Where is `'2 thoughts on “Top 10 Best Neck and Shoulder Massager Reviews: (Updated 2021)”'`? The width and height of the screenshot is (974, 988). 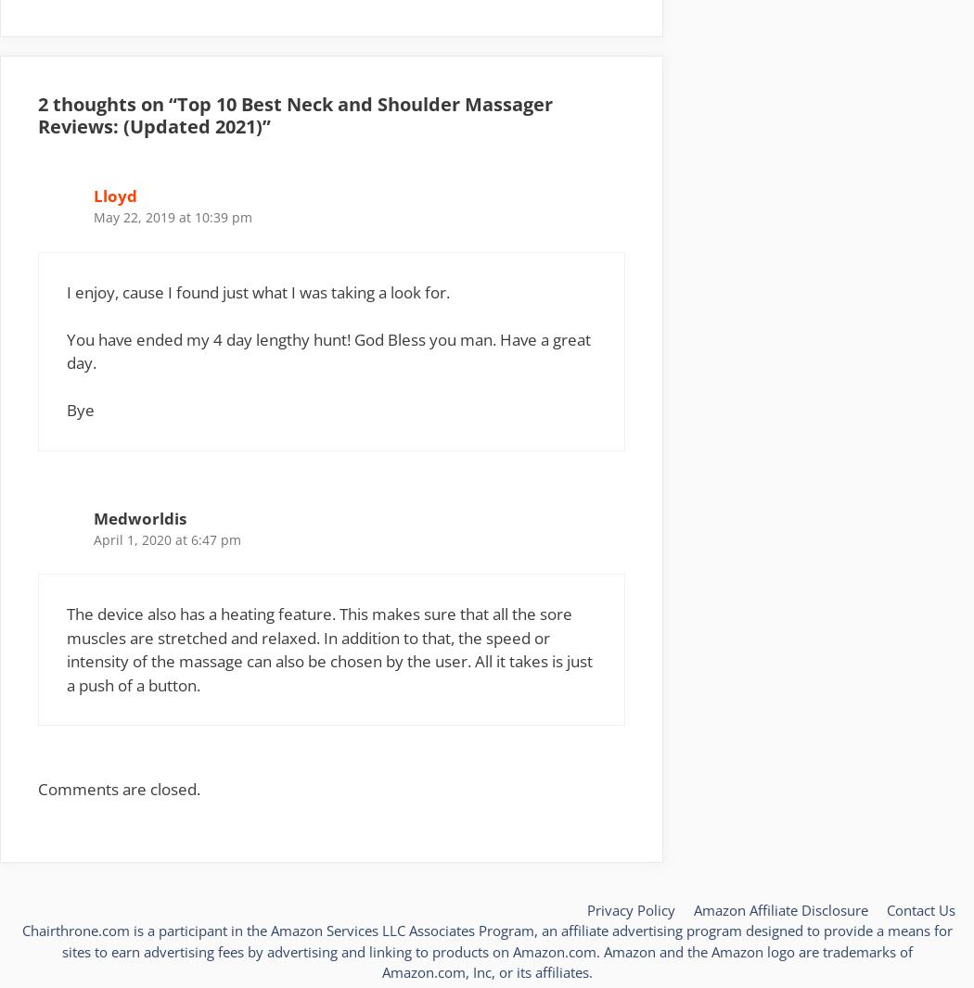 '2 thoughts on “Top 10 Best Neck and Shoulder Massager Reviews: (Updated 2021)”' is located at coordinates (36, 113).